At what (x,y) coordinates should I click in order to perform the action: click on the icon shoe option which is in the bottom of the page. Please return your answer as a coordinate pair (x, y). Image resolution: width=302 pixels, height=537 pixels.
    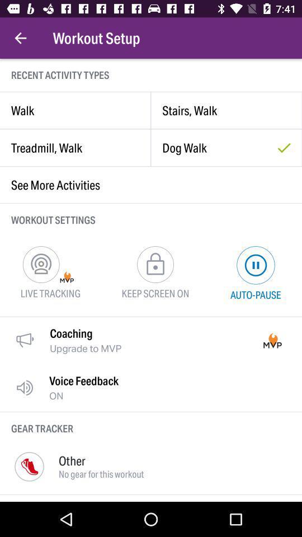
    Looking at the image, I should click on (29, 467).